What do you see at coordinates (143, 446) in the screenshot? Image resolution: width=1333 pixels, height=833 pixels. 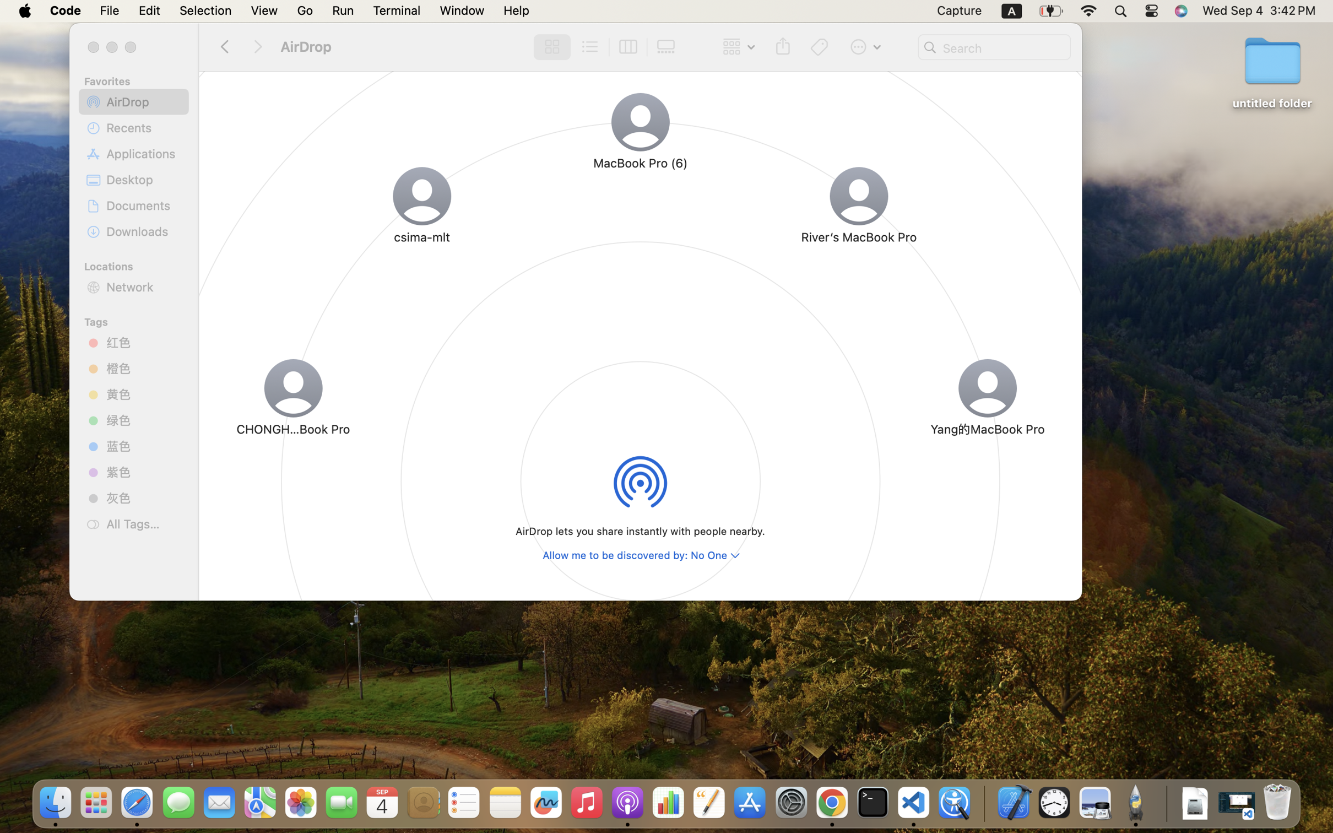 I see `'蓝色'` at bounding box center [143, 446].